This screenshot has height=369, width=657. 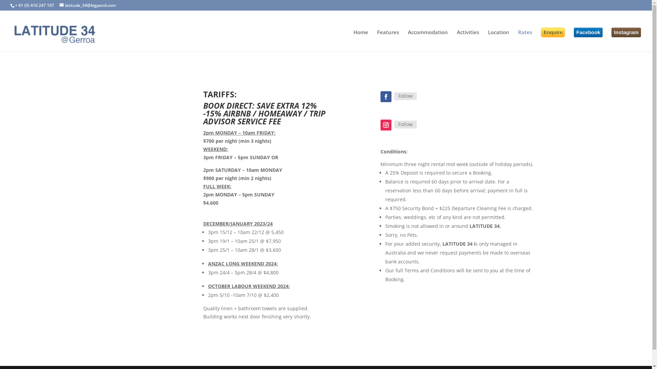 I want to click on 'Location', so click(x=499, y=41).